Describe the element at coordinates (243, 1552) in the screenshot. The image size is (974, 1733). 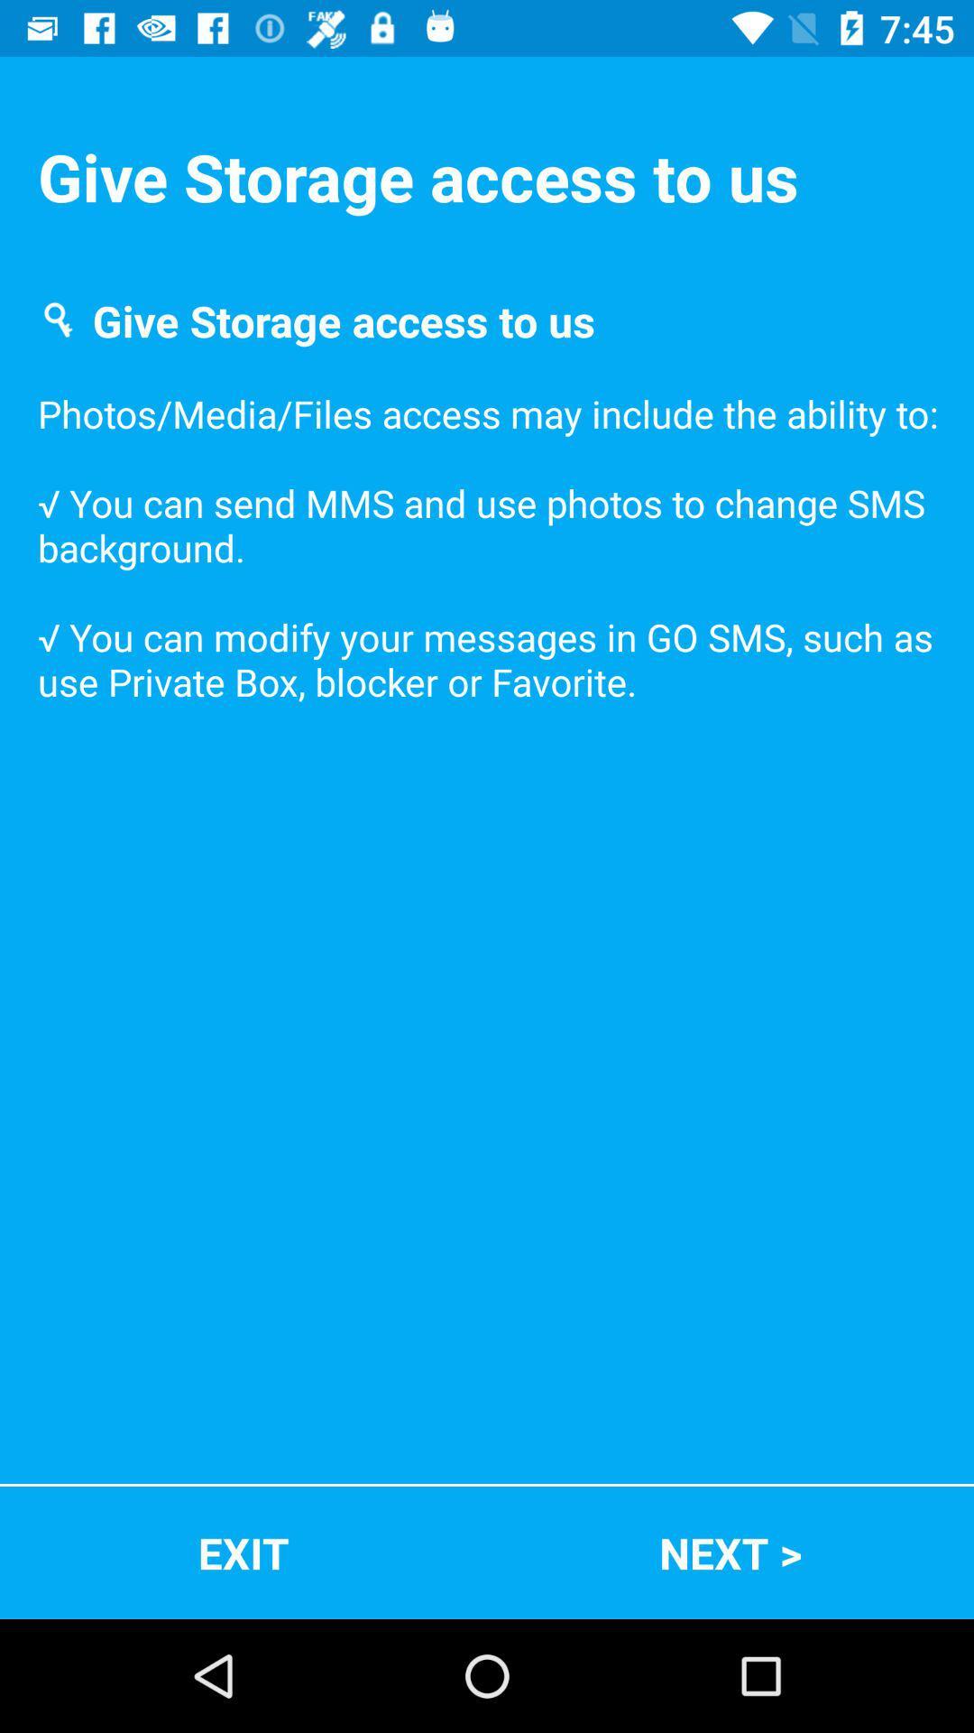
I see `the icon next to next >` at that location.